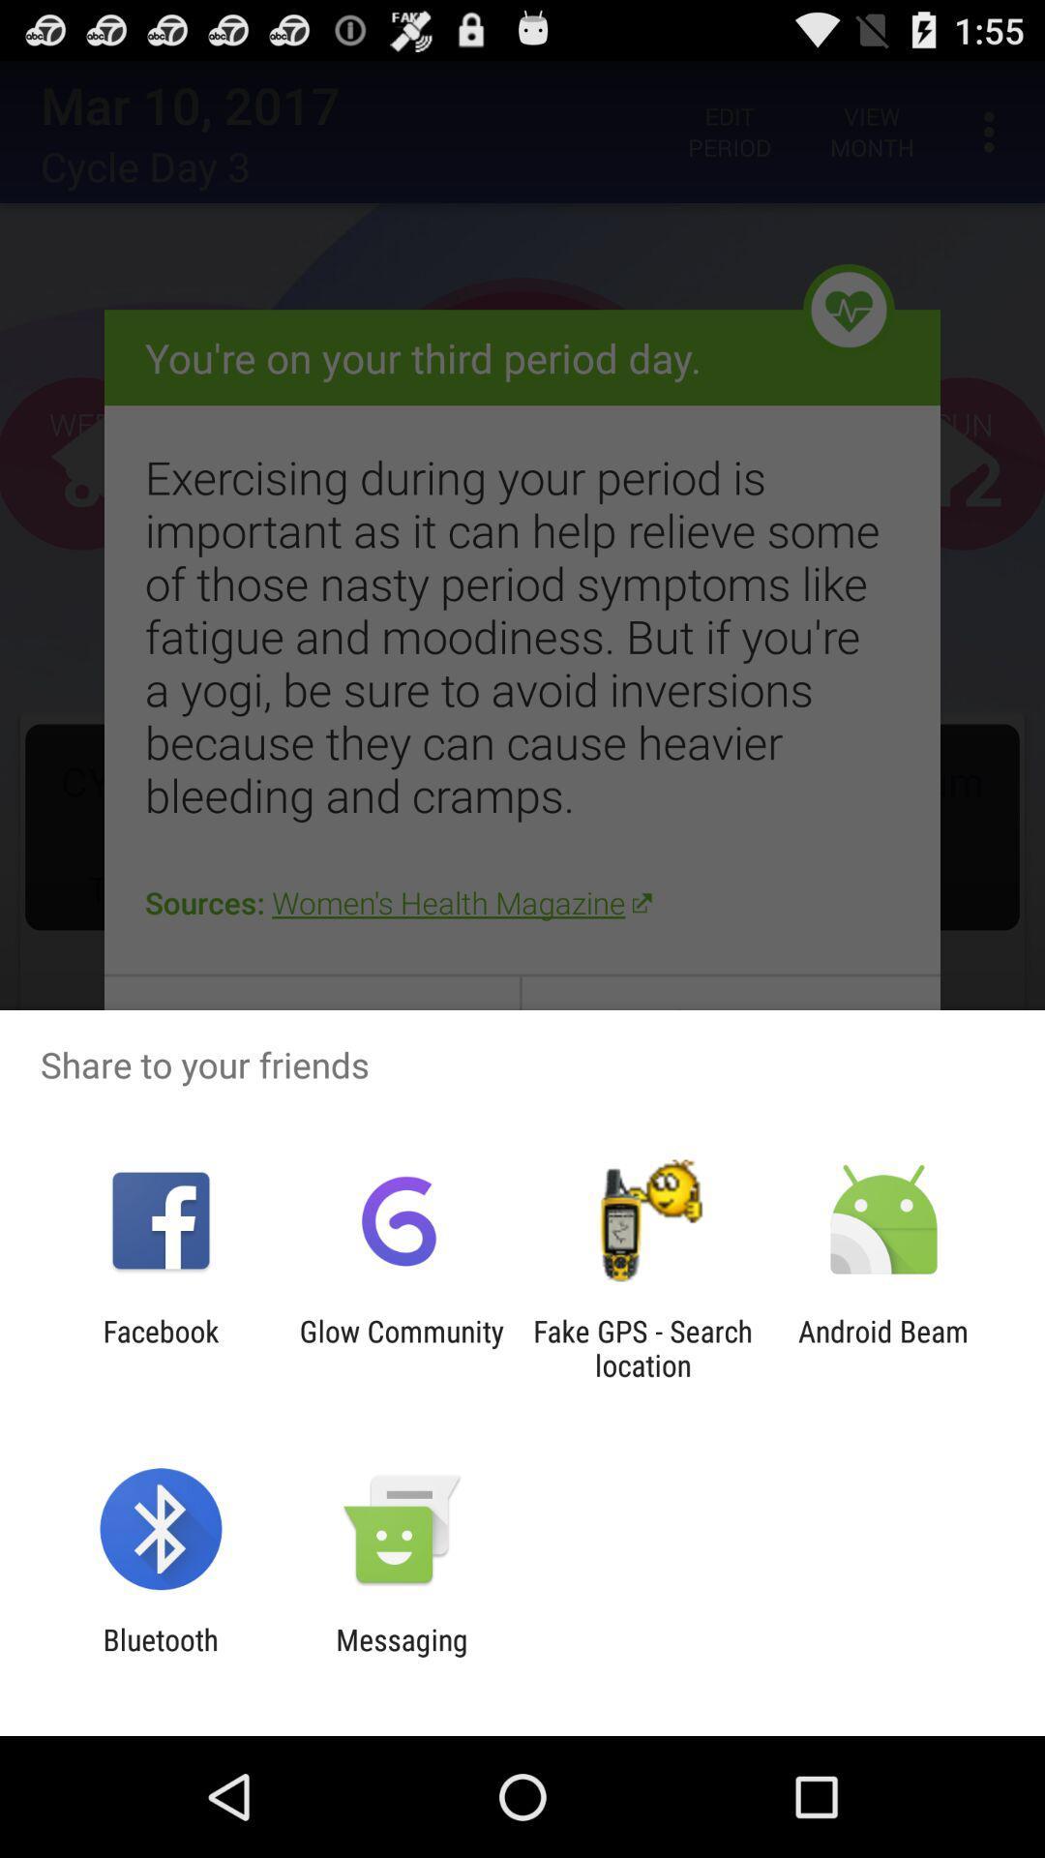 This screenshot has width=1045, height=1858. I want to click on the icon next to glow community, so click(160, 1347).